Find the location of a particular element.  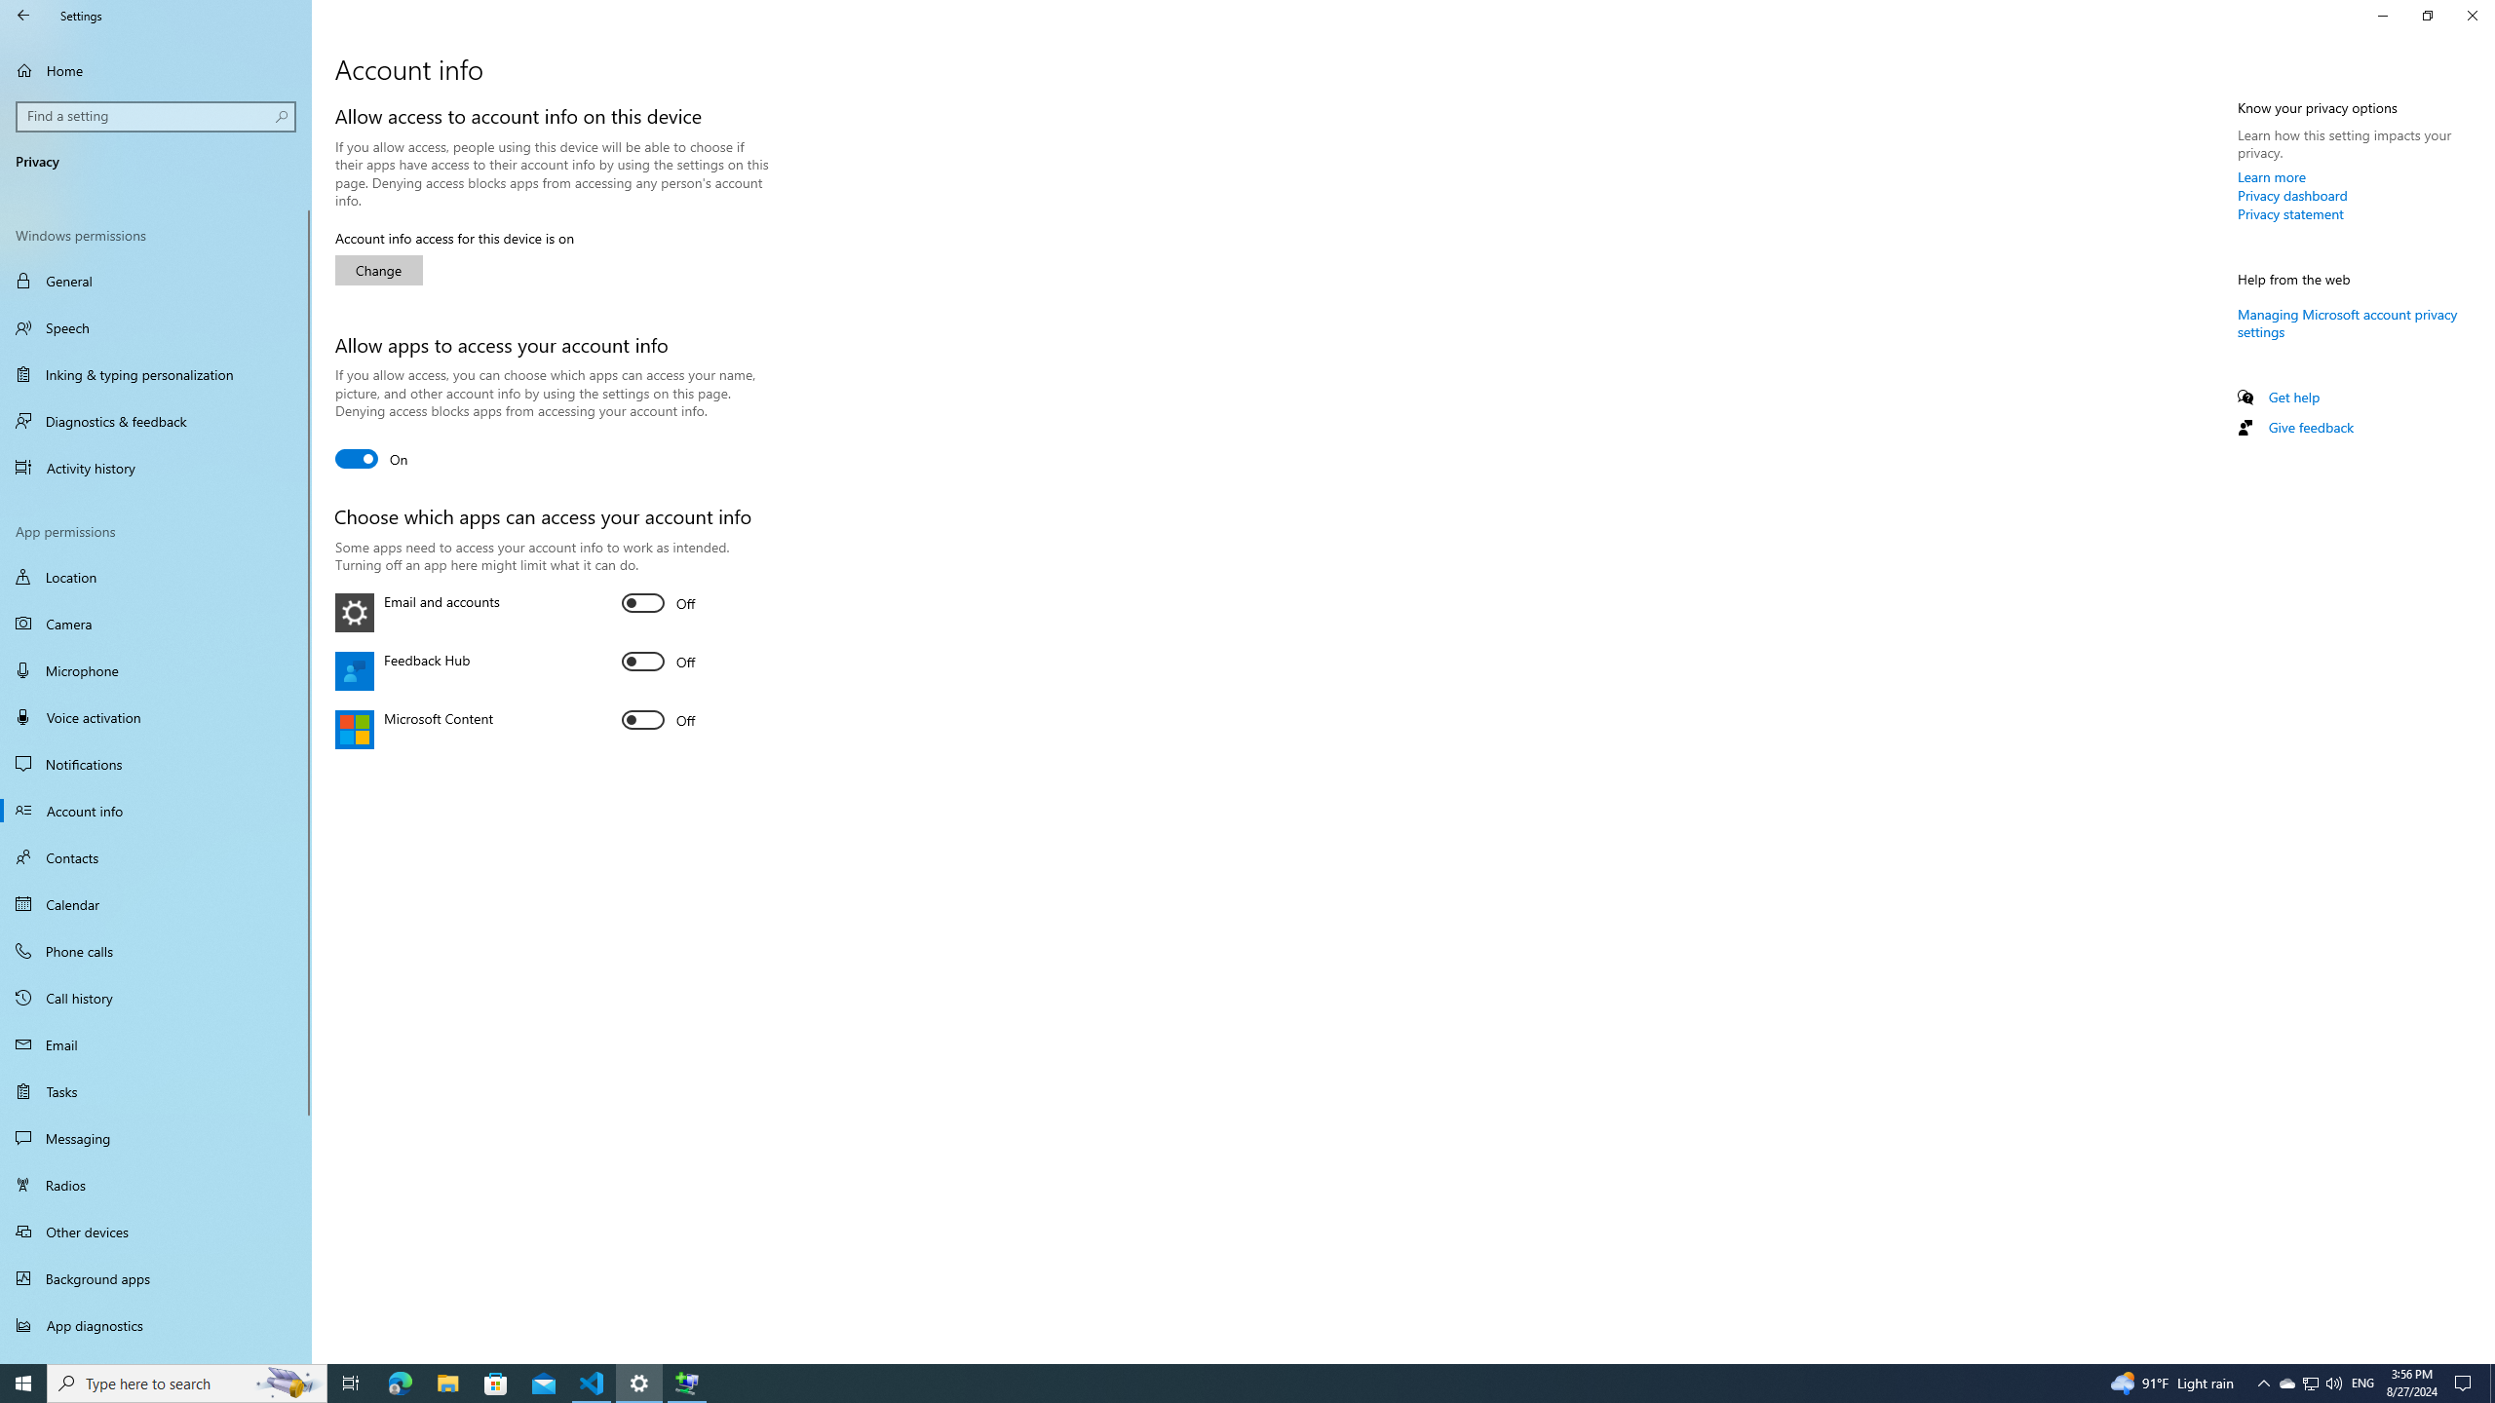

'Action Center, No new notifications' is located at coordinates (2466, 1382).